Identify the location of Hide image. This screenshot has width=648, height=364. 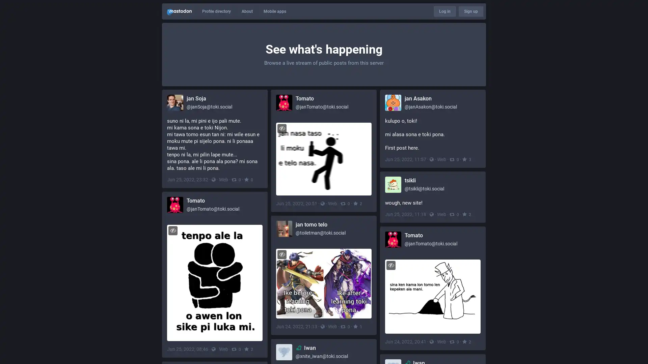
(173, 230).